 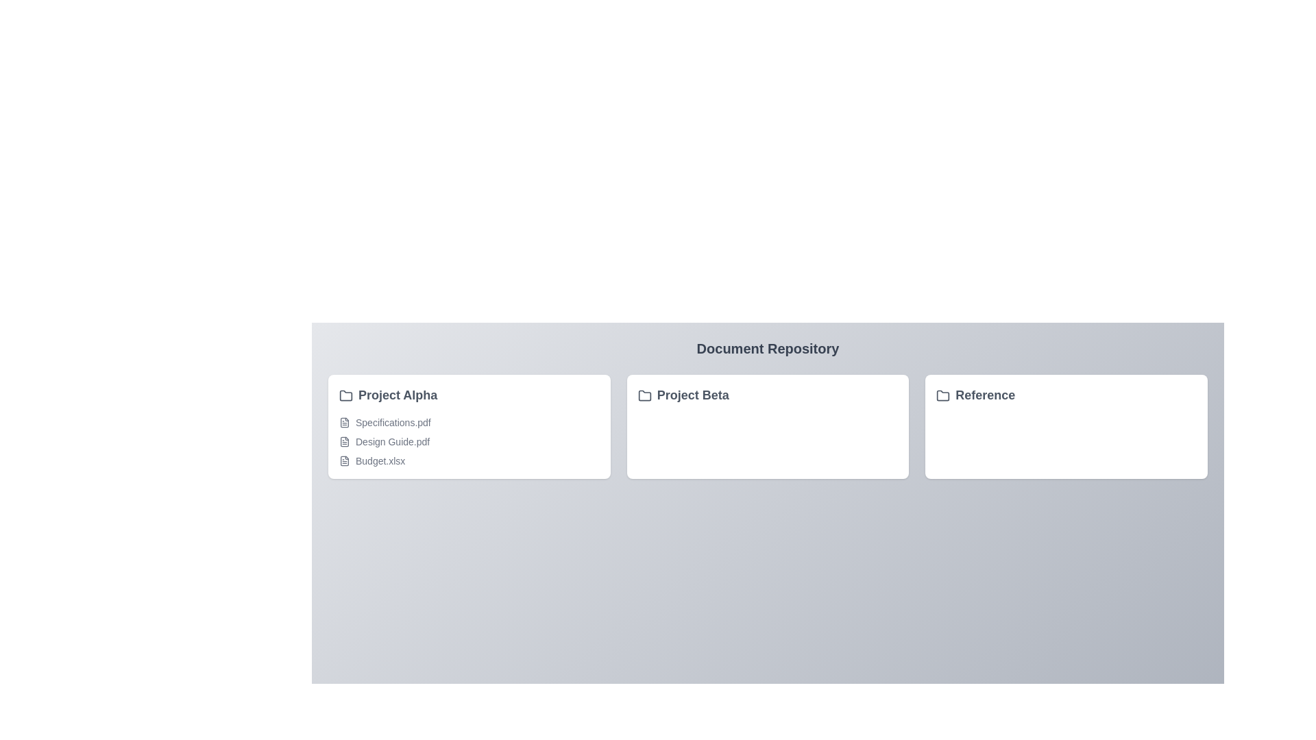 I want to click on the file name in the 'Project Alpha' section, so click(x=469, y=441).